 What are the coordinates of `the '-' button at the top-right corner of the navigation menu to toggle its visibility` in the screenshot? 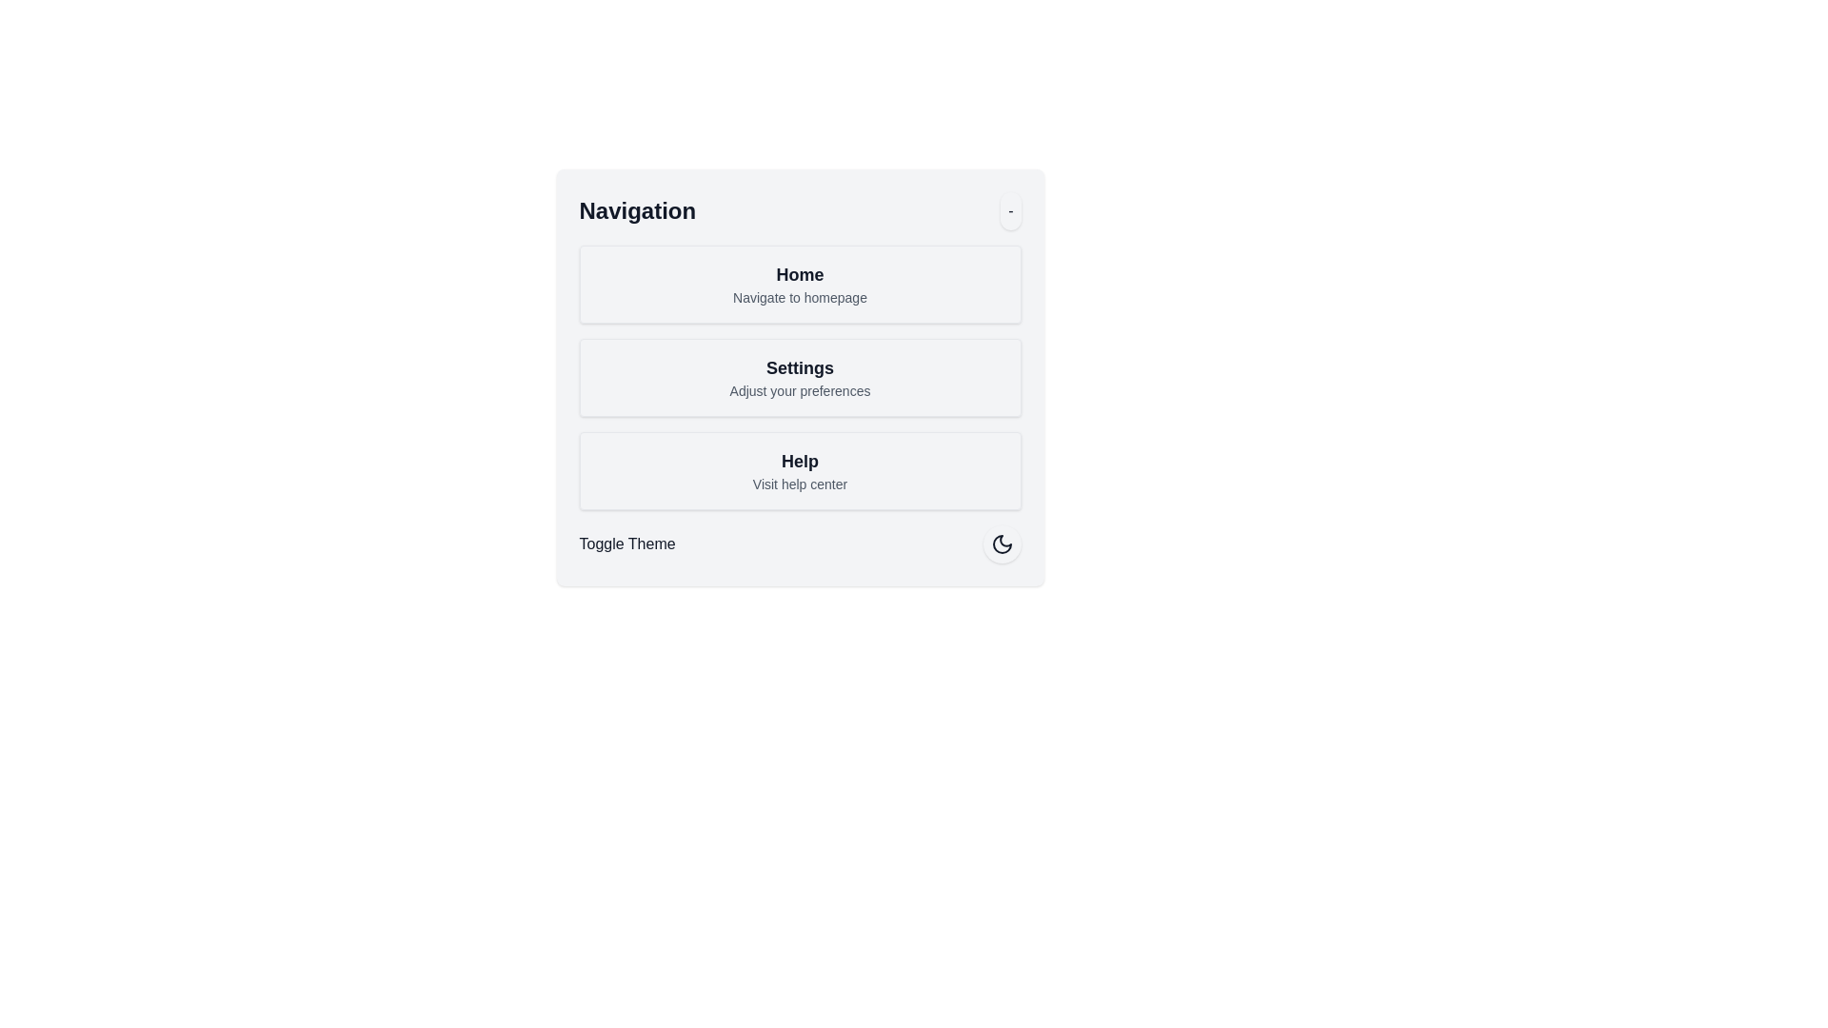 It's located at (1008, 211).